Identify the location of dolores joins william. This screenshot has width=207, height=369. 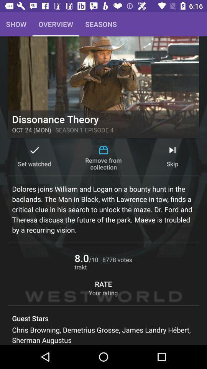
(103, 209).